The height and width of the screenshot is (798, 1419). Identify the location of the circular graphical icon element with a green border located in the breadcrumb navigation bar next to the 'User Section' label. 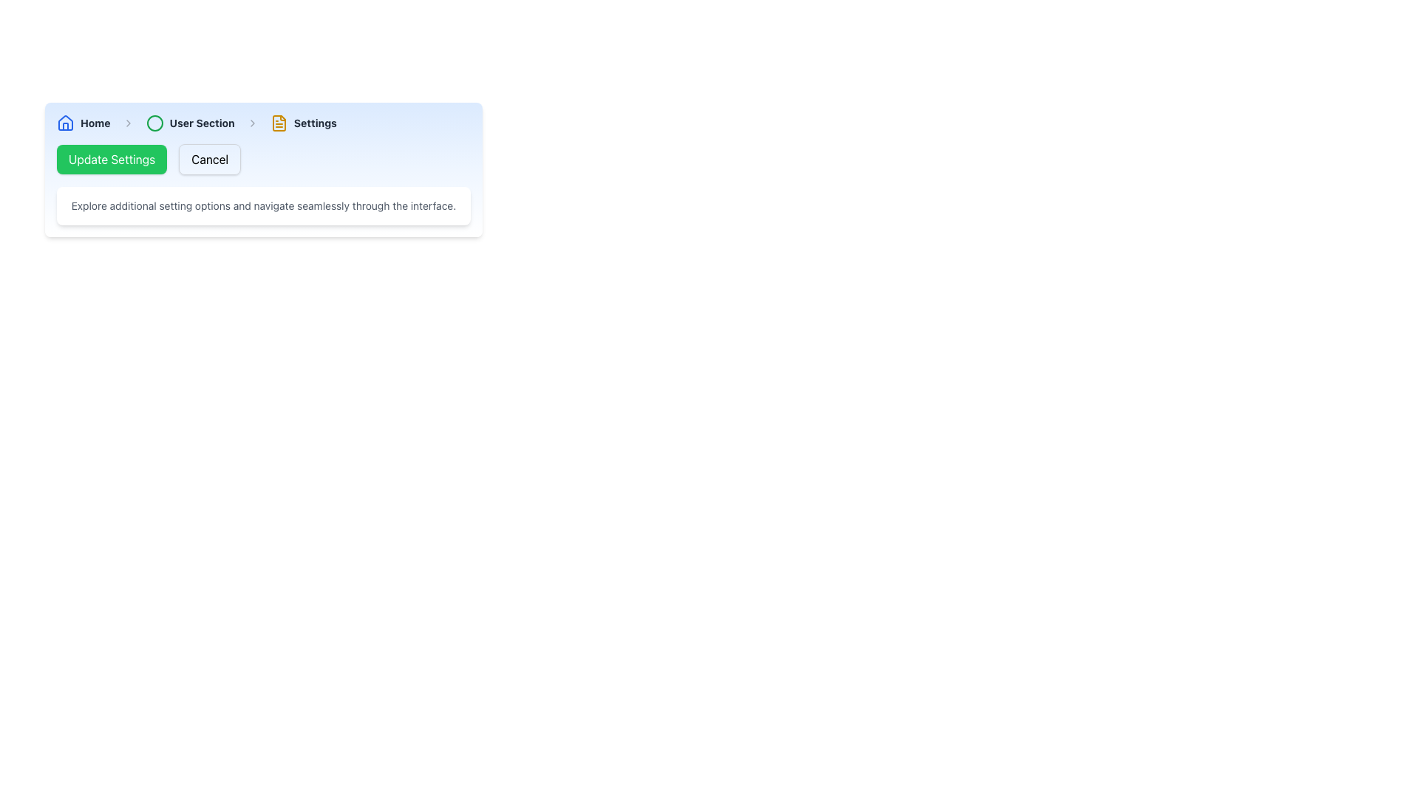
(154, 122).